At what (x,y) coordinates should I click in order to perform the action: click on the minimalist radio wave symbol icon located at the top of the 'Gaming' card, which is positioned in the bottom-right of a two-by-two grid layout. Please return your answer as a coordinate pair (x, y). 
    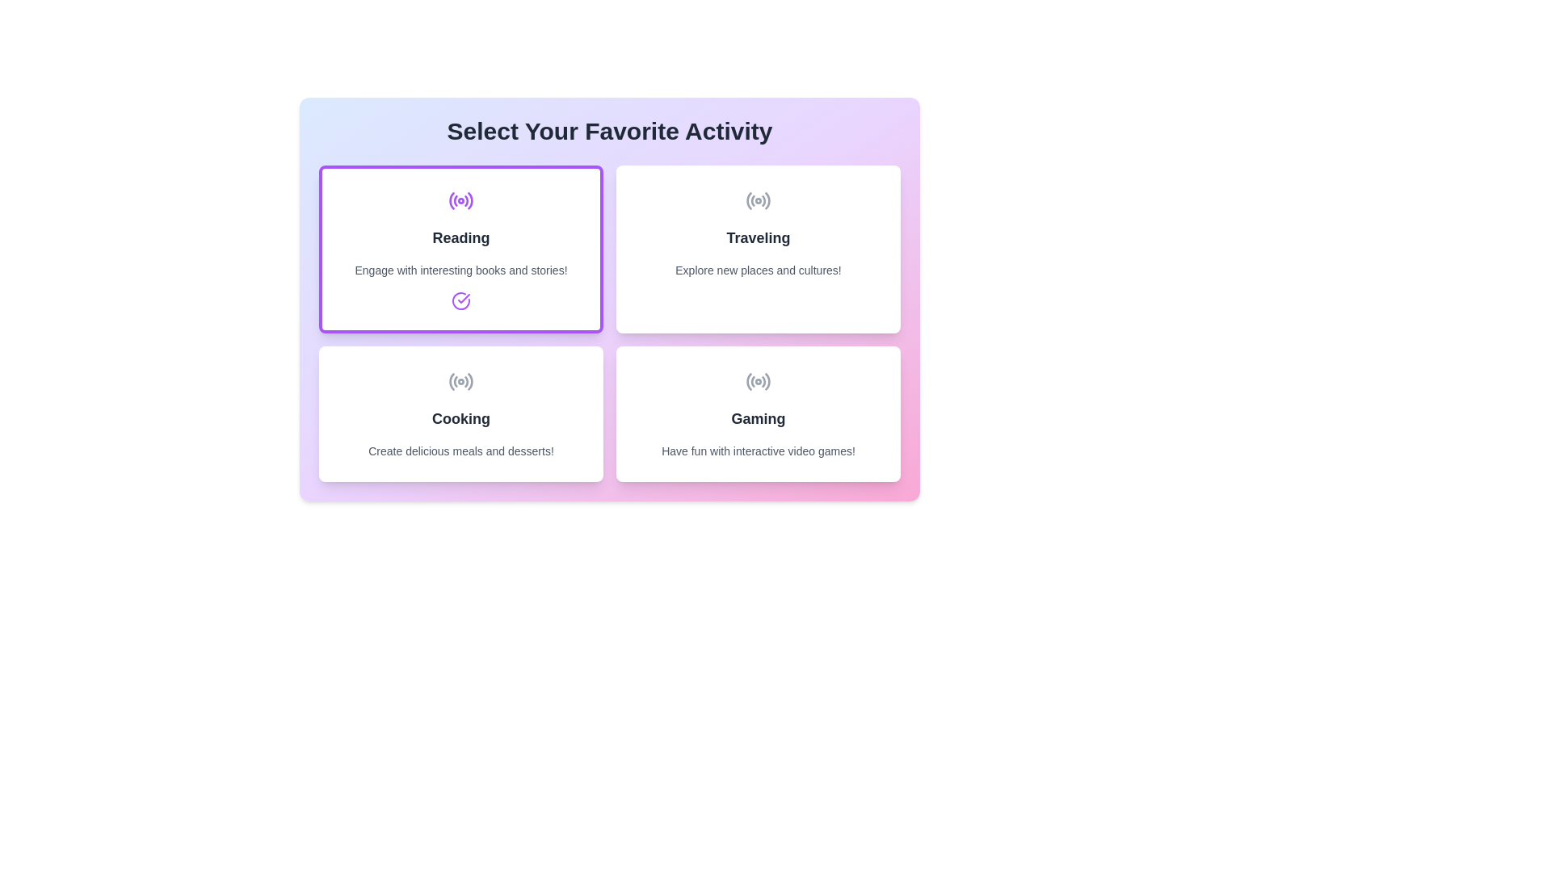
    Looking at the image, I should click on (758, 382).